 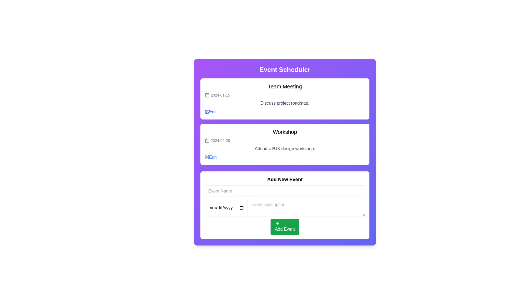 What do you see at coordinates (206, 157) in the screenshot?
I see `the editing icon located in the middle section of the interface` at bounding box center [206, 157].